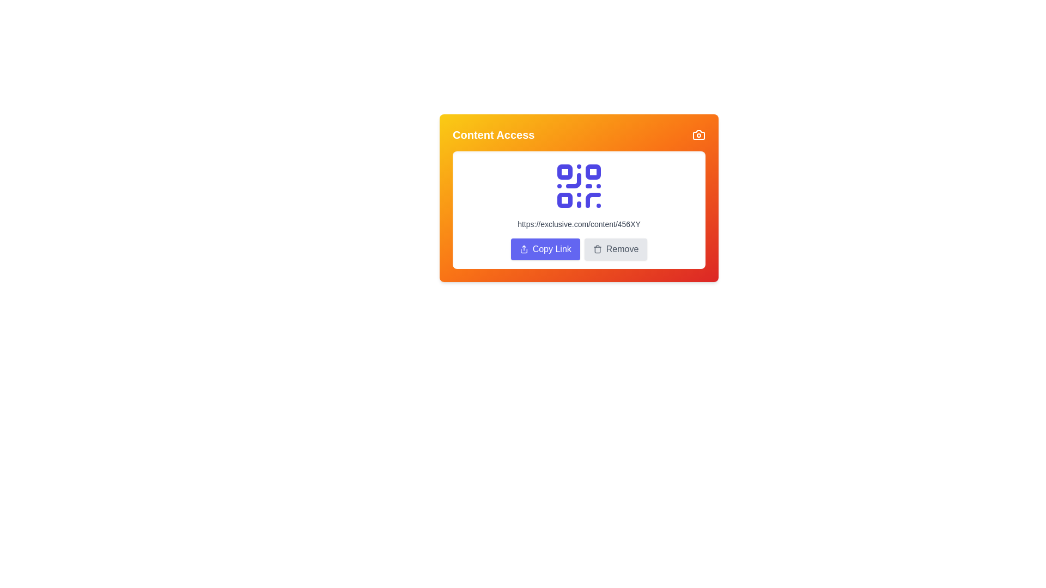  I want to click on the share icon located on the left side of the 'Copy Link' button, which visually represents the action of sharing, so click(524, 249).